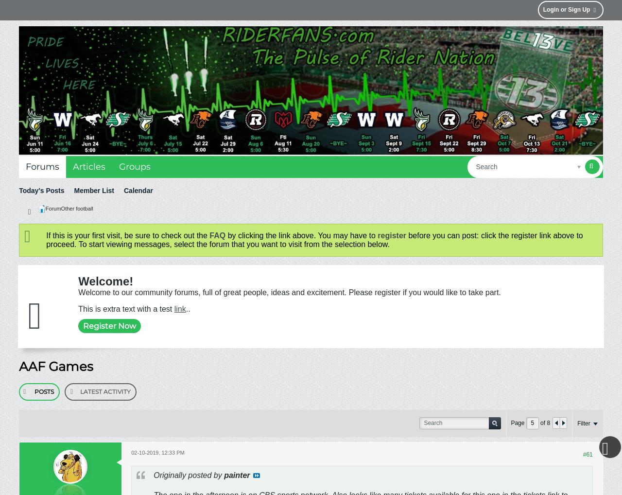 The width and height of the screenshot is (622, 495). I want to click on 'Welcome to our community forums, full of great people, ideas and excitement. Please register if you would like to take part.', so click(289, 292).